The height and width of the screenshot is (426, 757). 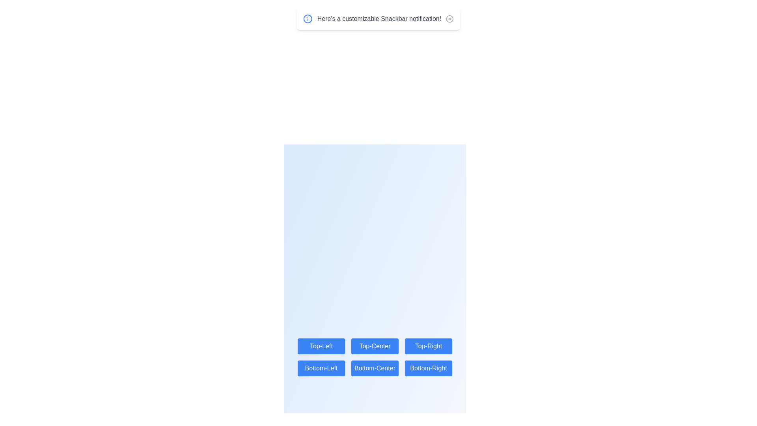 What do you see at coordinates (374, 346) in the screenshot?
I see `the button labeled Top-Center to change the Snackbar position` at bounding box center [374, 346].